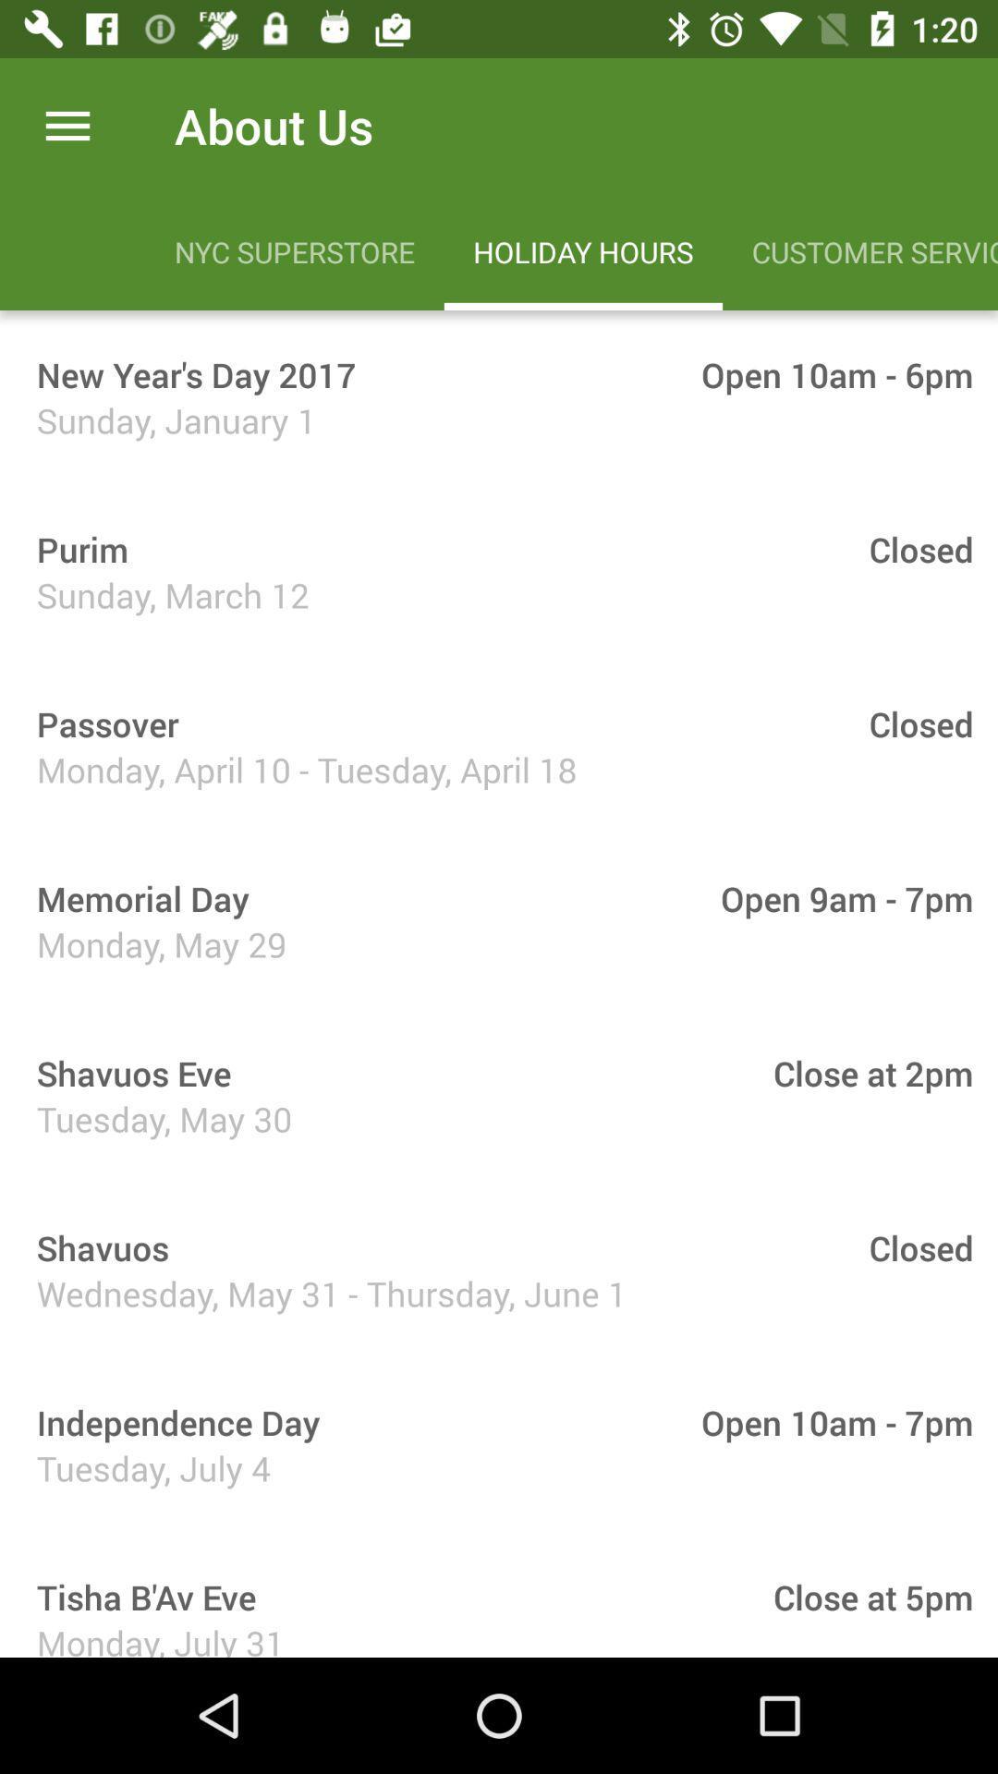  What do you see at coordinates (172, 1421) in the screenshot?
I see `independence day item` at bounding box center [172, 1421].